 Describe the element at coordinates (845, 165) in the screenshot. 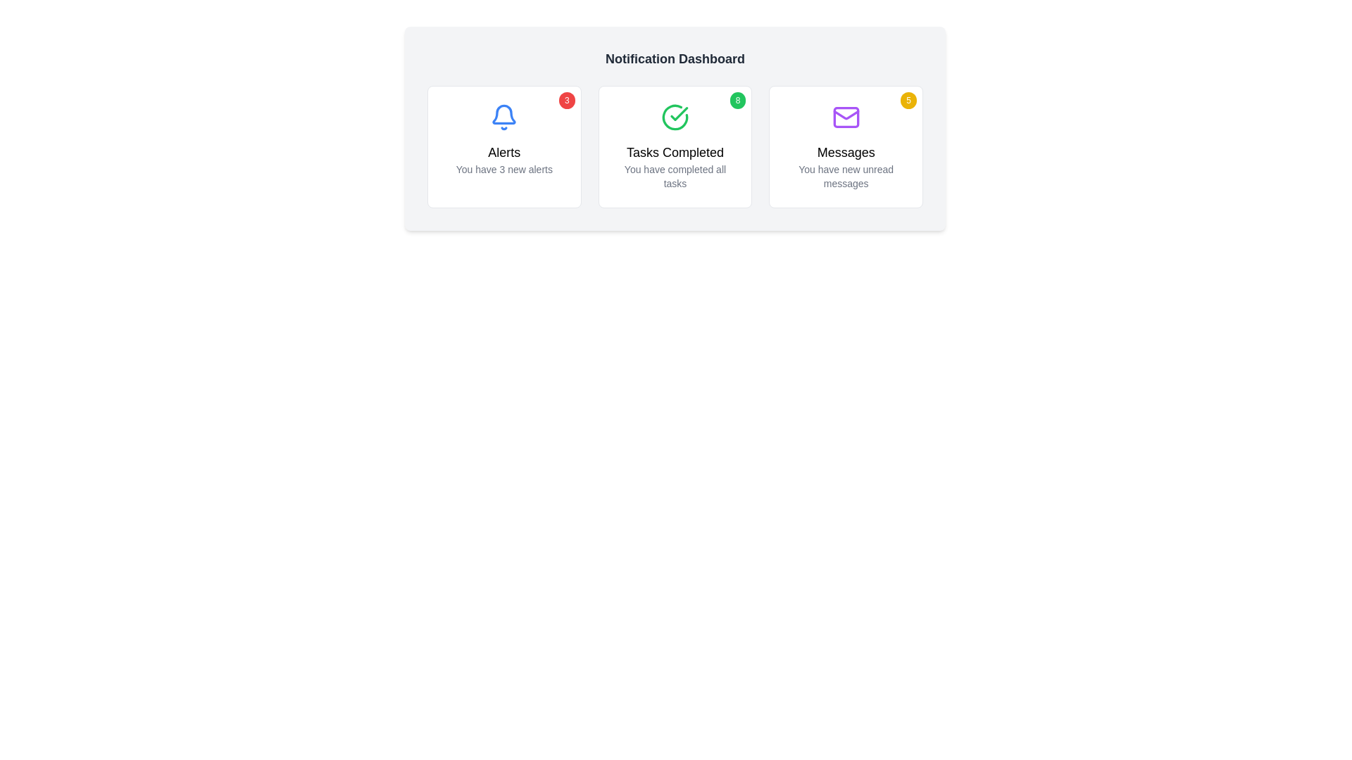

I see `the text display area that shows 'Messages' and 'You have new unread messages', located in the rightmost card of three horizontally aligned cards` at that location.